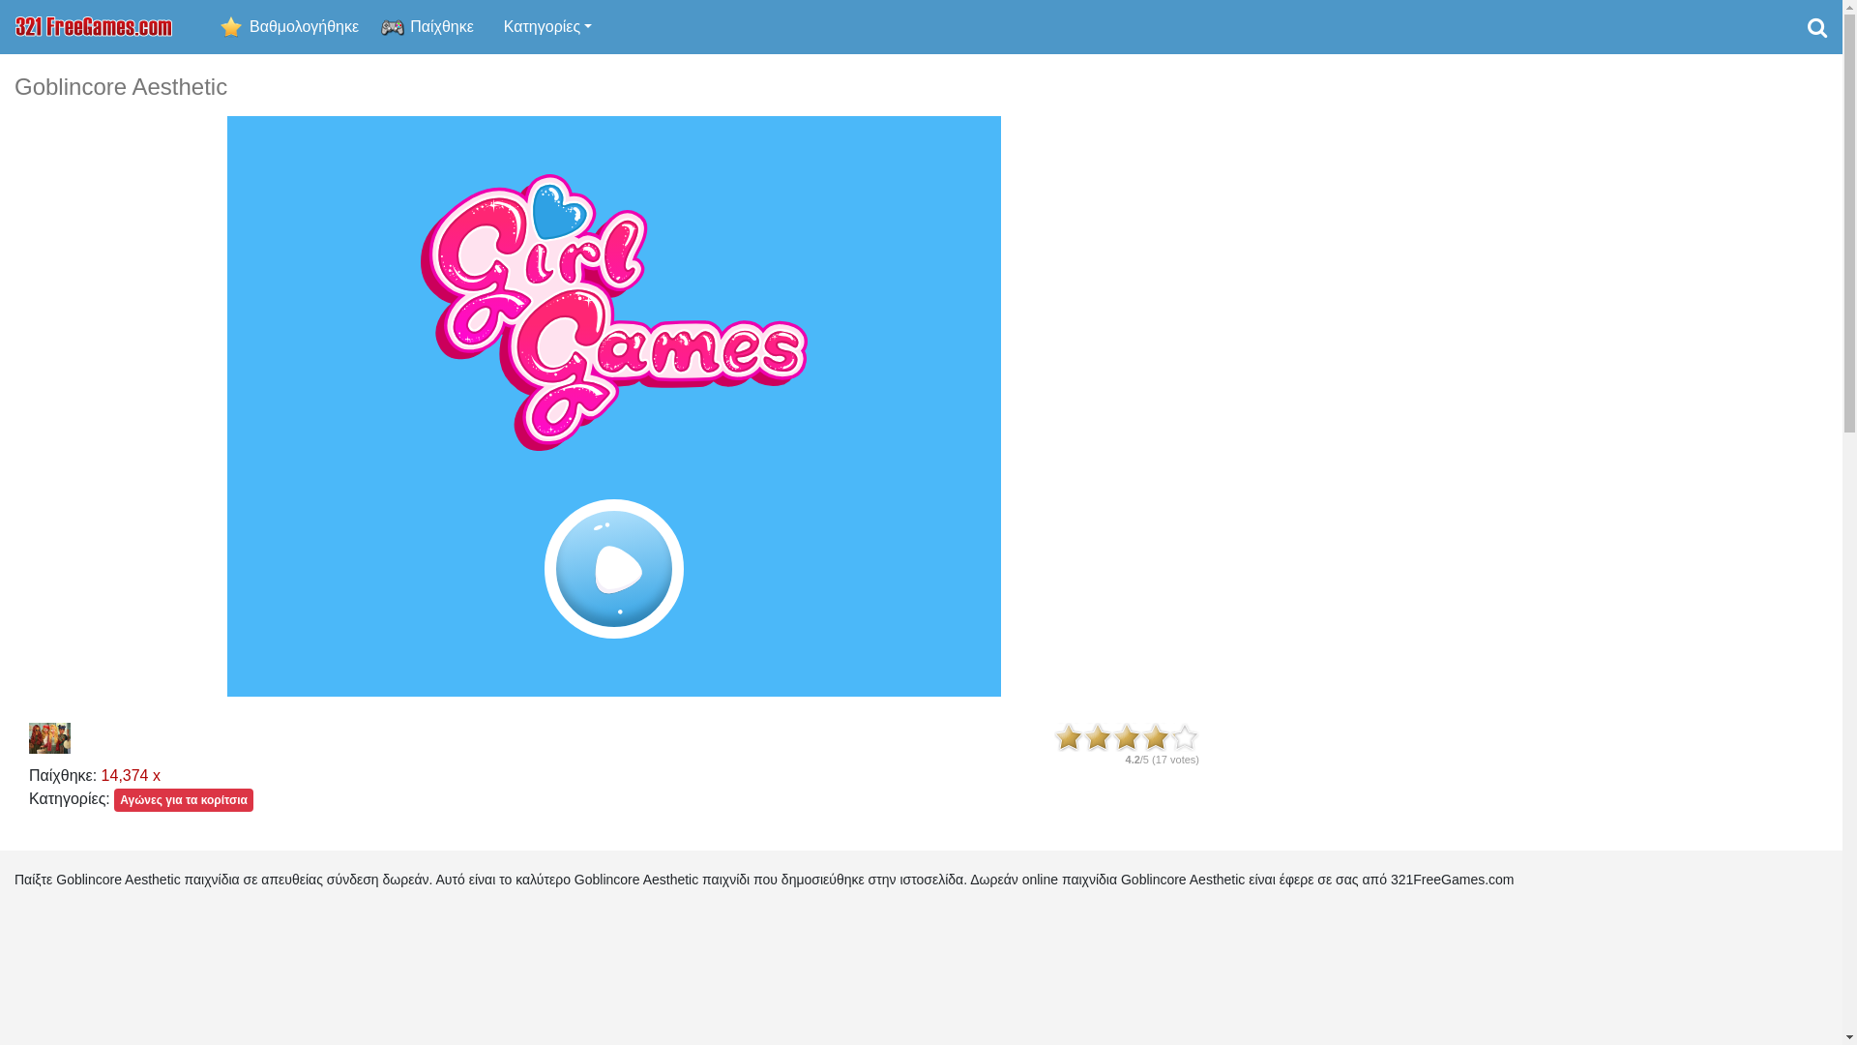 The image size is (1857, 1045). What do you see at coordinates (1156, 737) in the screenshot?
I see `'4'` at bounding box center [1156, 737].